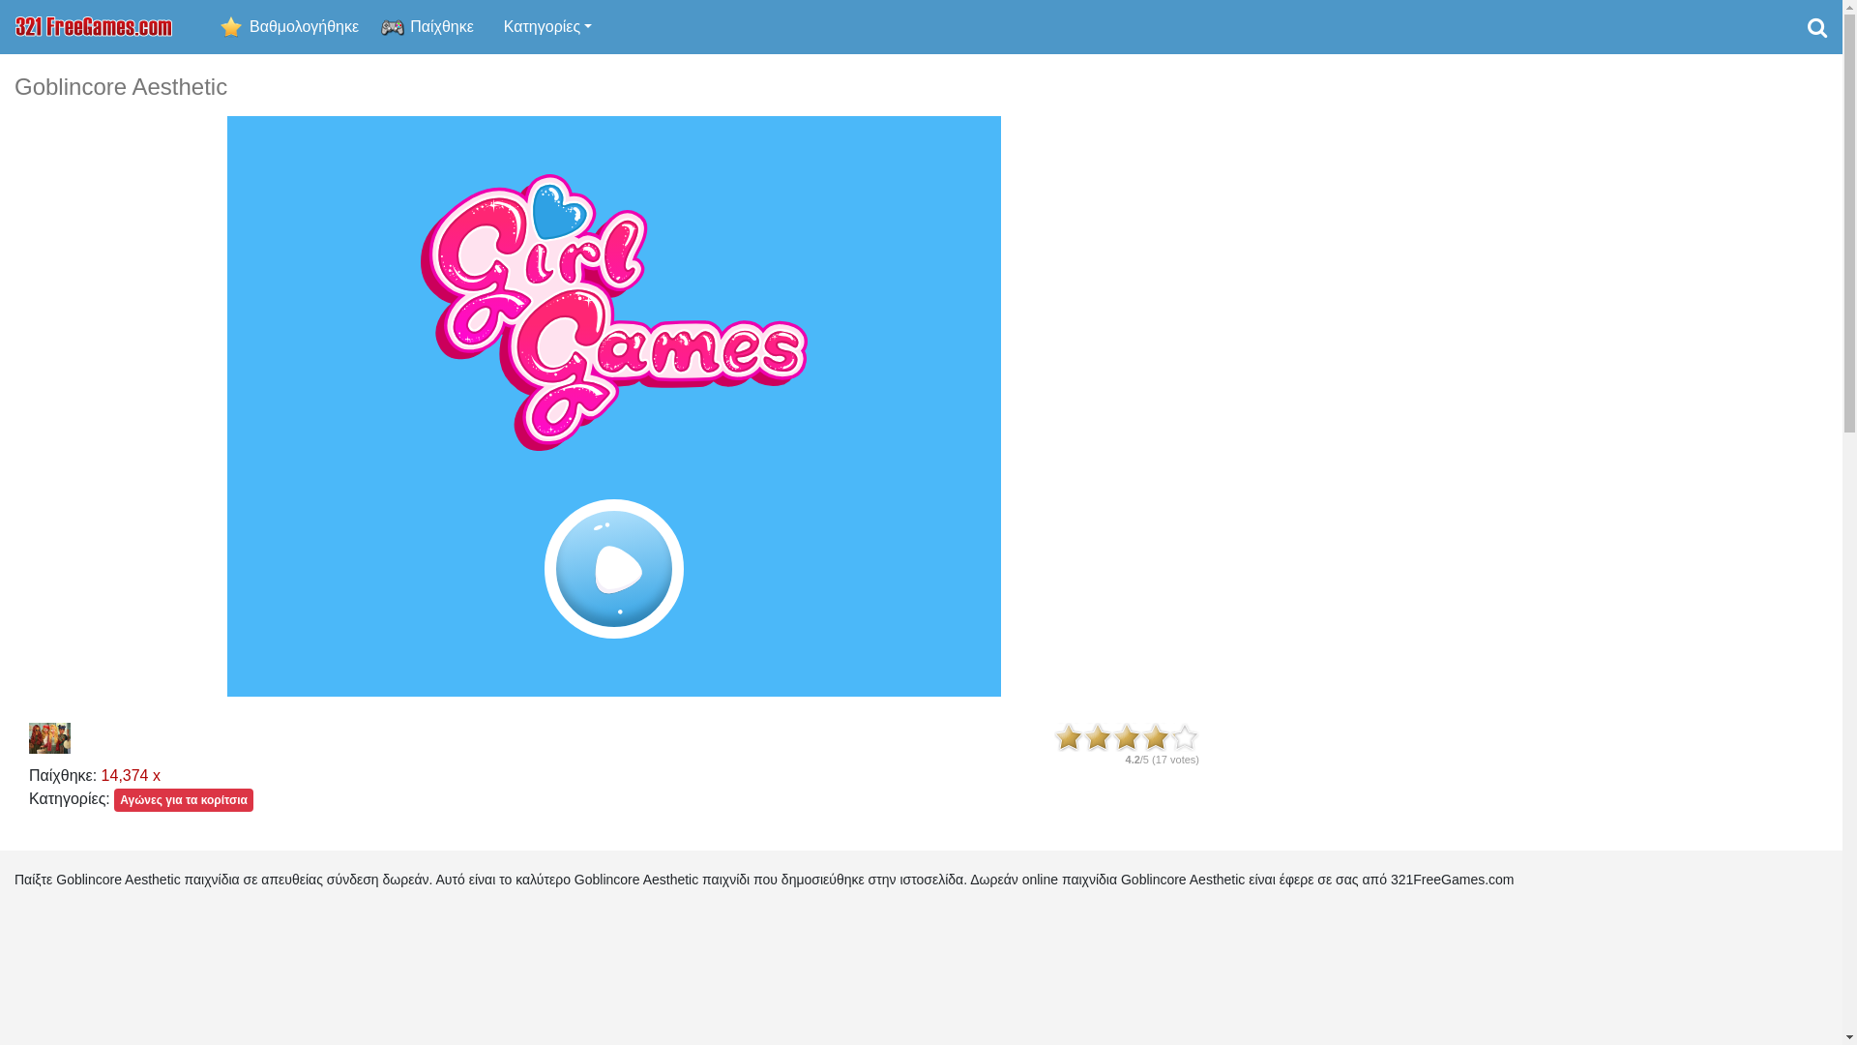 The image size is (1857, 1045). What do you see at coordinates (1156, 737) in the screenshot?
I see `'4'` at bounding box center [1156, 737].